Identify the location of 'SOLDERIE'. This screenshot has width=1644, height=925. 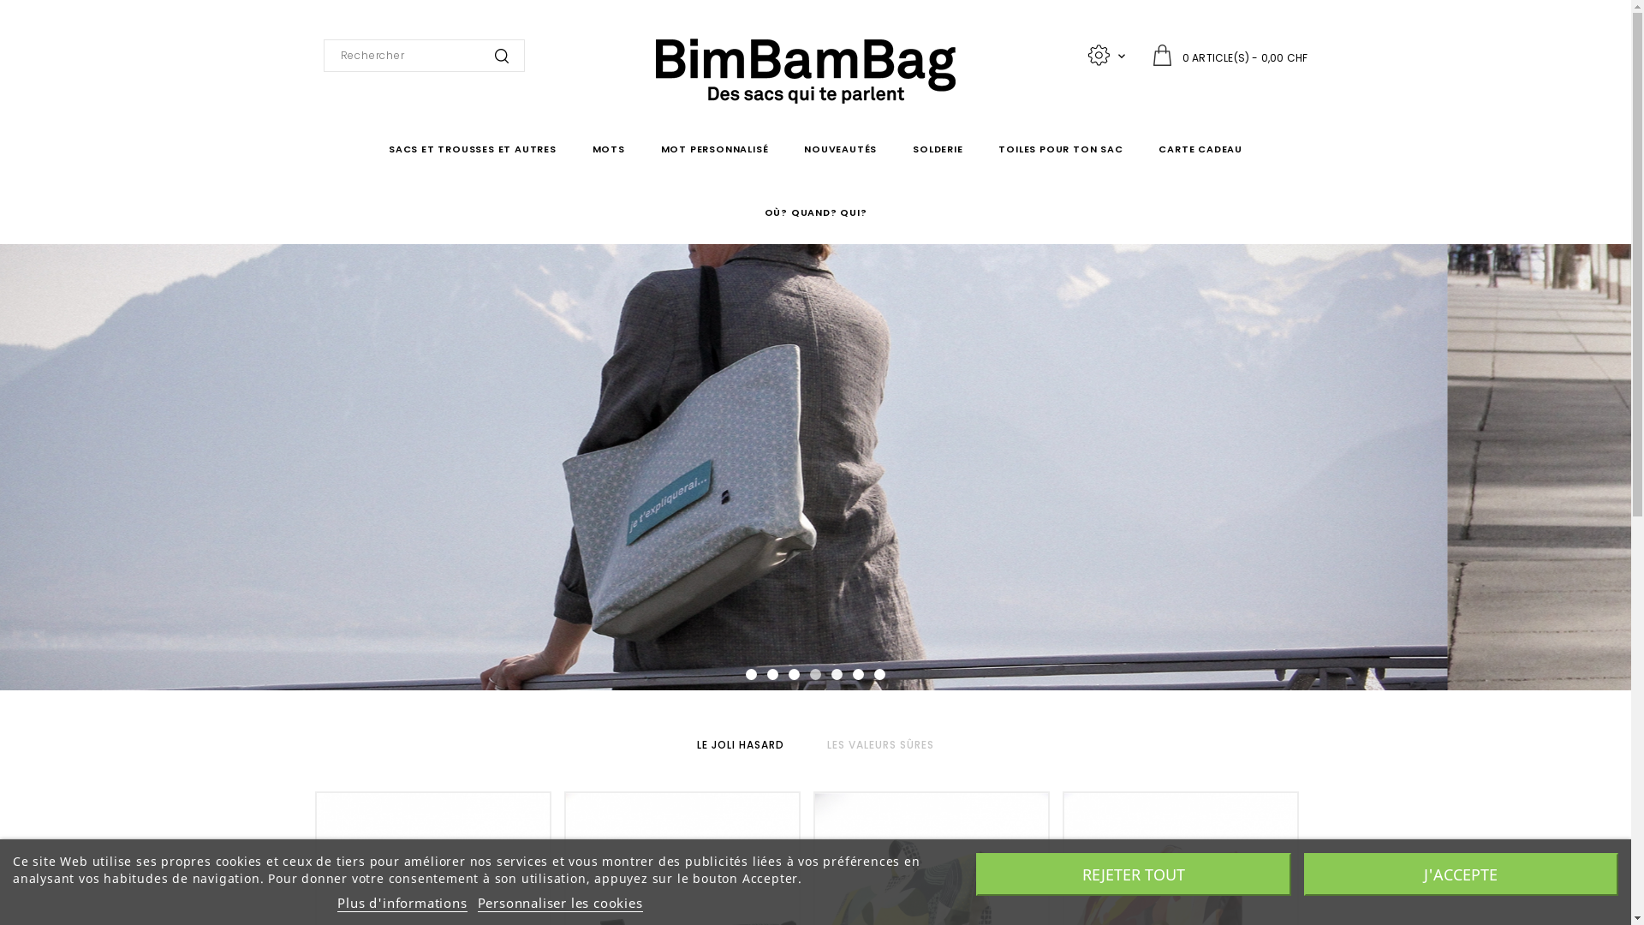
(903, 147).